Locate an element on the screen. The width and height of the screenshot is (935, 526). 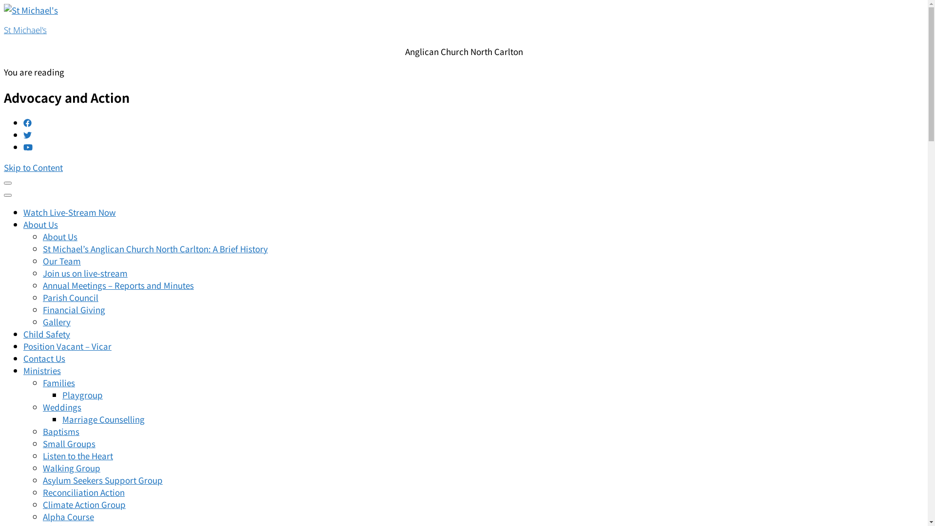
'Gallery' is located at coordinates (56, 321).